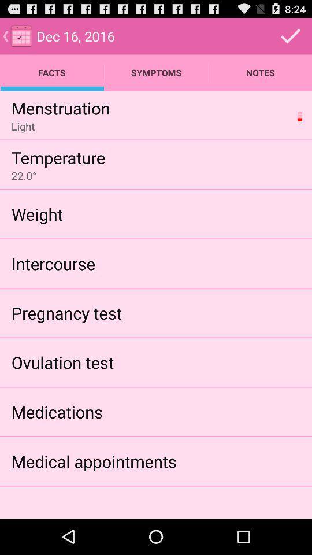 This screenshot has width=312, height=555. What do you see at coordinates (299, 116) in the screenshot?
I see `the item next to the menstruation` at bounding box center [299, 116].